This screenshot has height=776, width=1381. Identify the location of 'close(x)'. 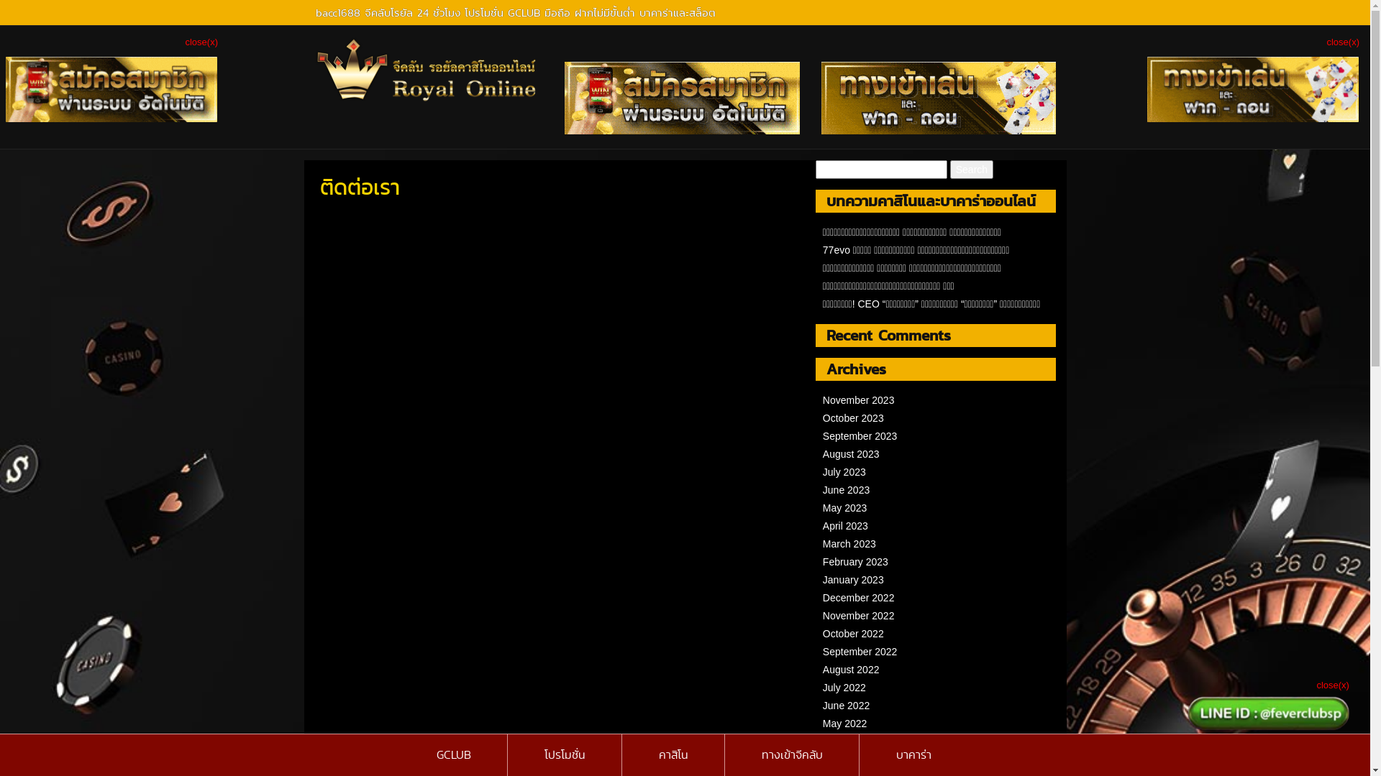
(1342, 41).